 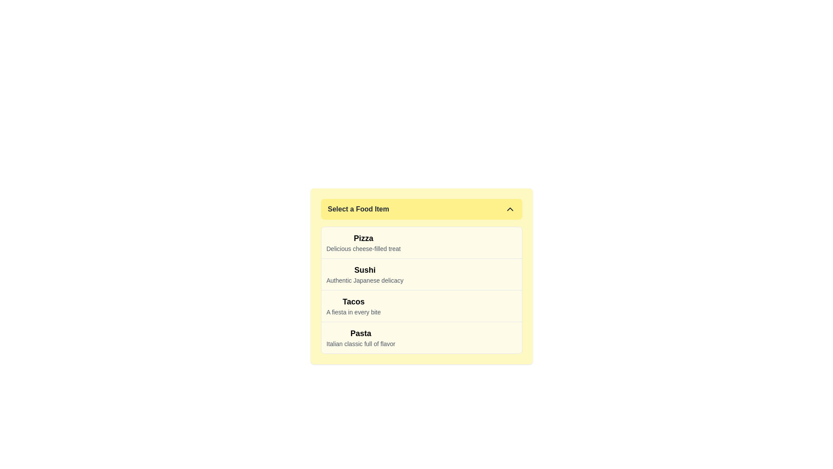 I want to click on text of the 'Pizza' label in the dropdown list 'Select a Food Item', which is positioned above 'Delicious cheese-filled treat', so click(x=364, y=238).